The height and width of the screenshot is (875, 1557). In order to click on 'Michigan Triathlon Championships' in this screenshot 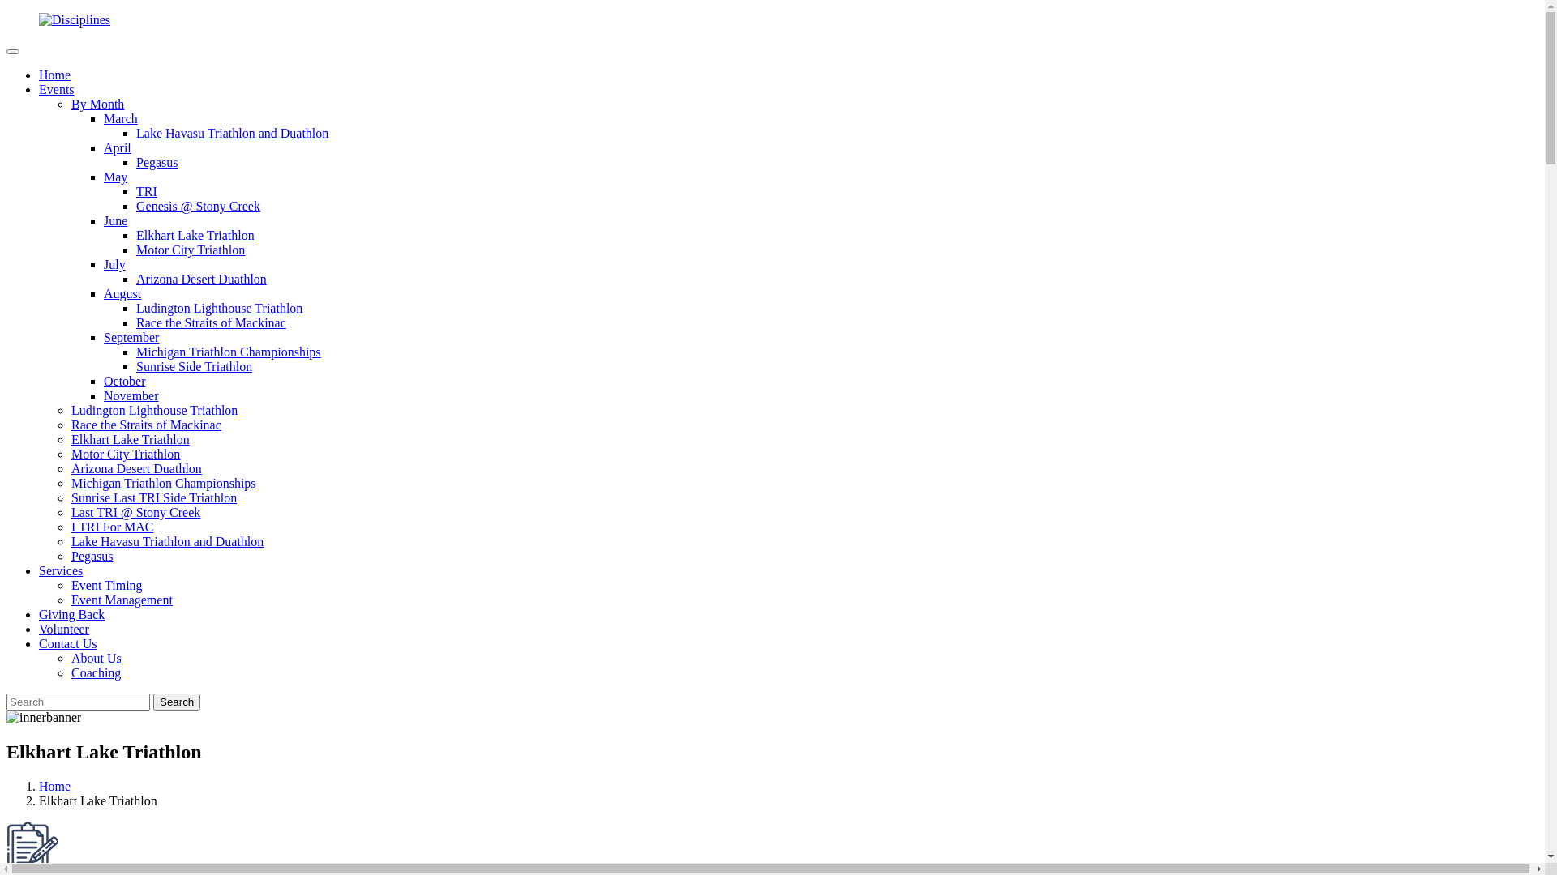, I will do `click(228, 351)`.